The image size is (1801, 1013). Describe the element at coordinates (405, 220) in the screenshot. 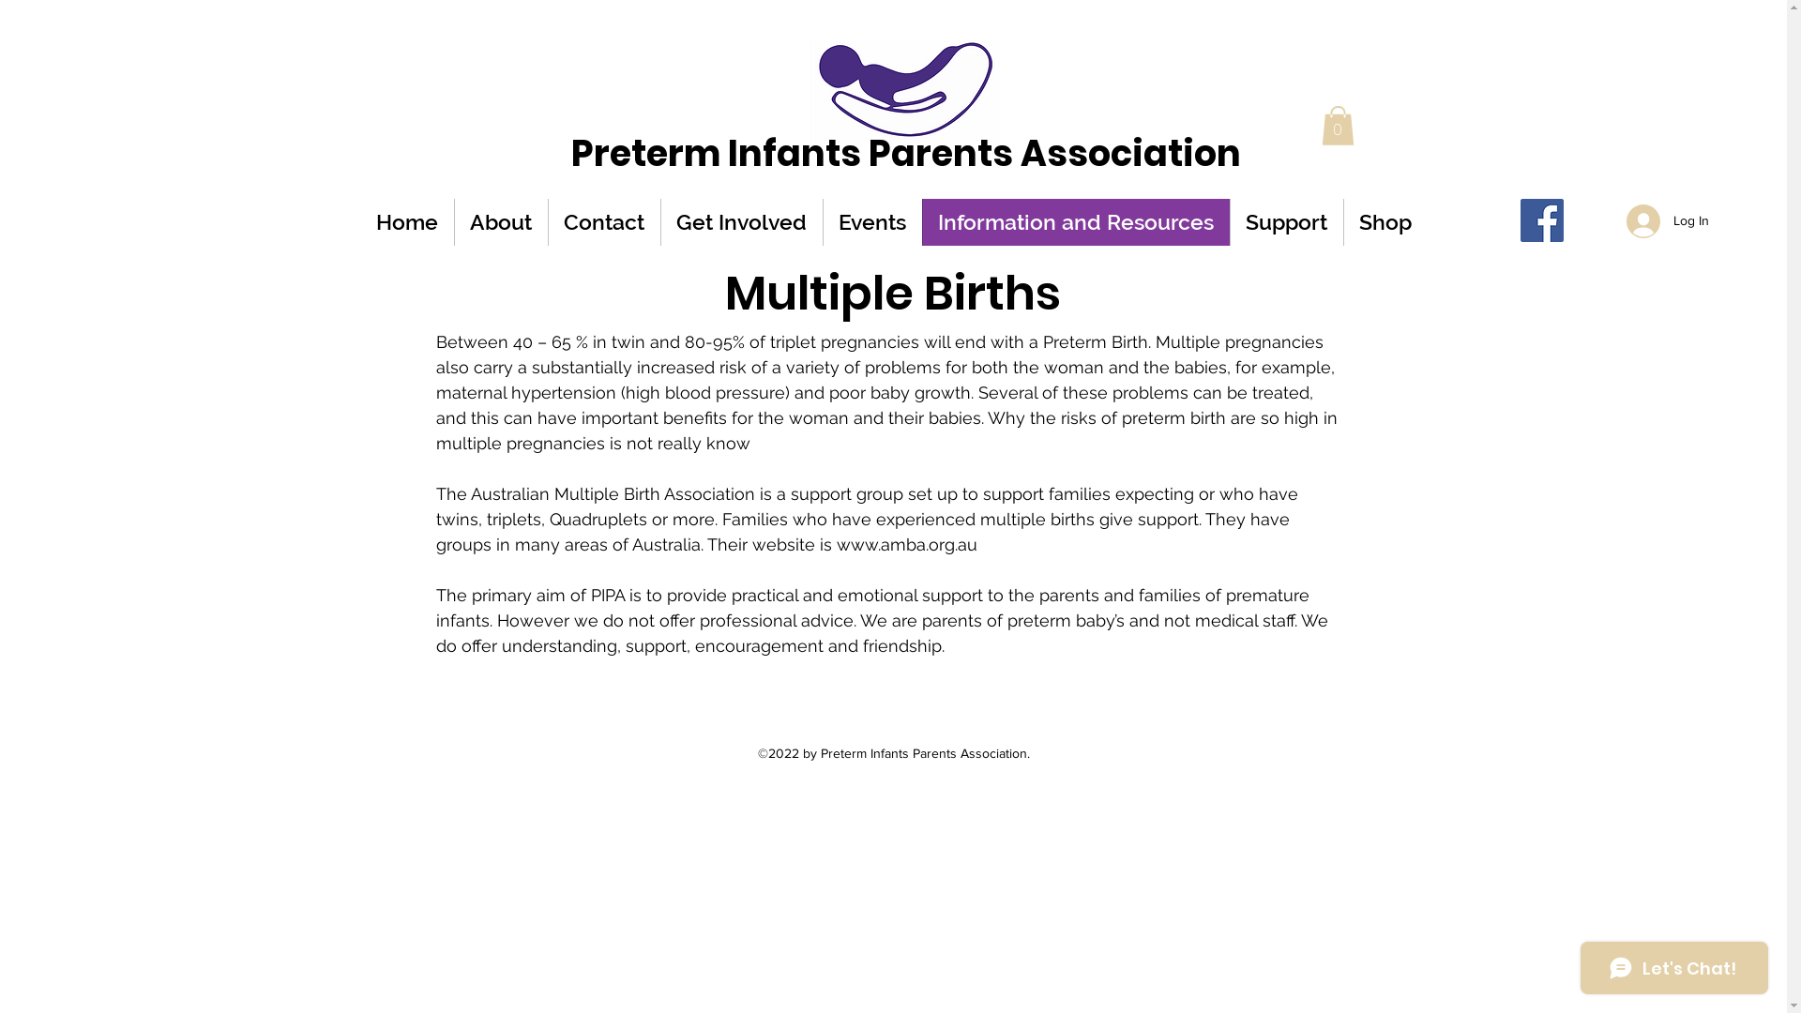

I see `'Home'` at that location.